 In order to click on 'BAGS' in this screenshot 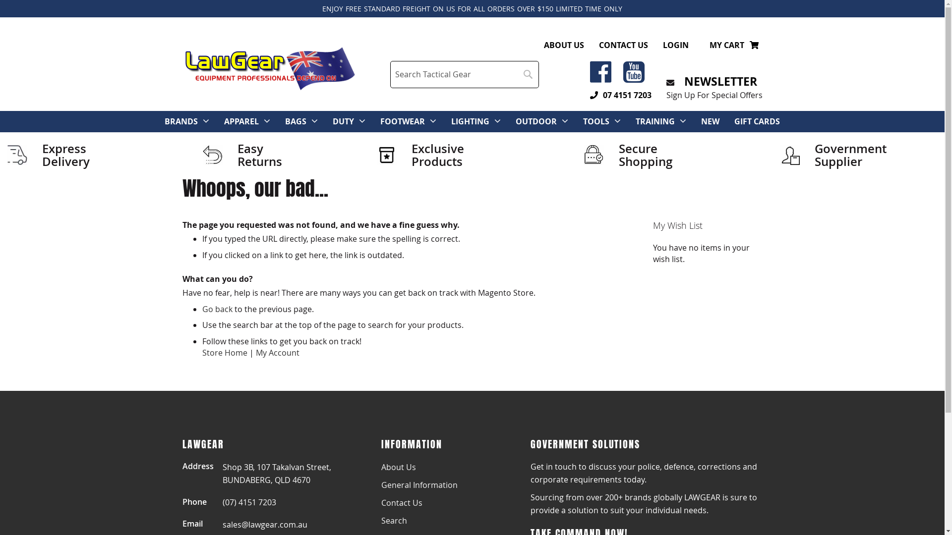, I will do `click(295, 121)`.